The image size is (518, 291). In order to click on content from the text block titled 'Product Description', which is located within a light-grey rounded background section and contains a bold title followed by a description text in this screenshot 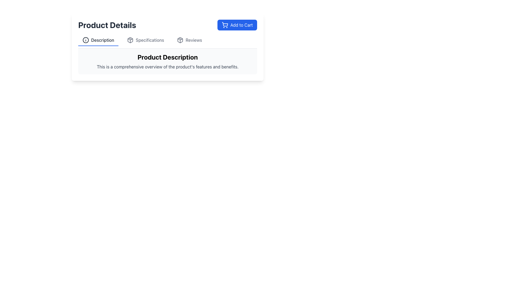, I will do `click(167, 61)`.